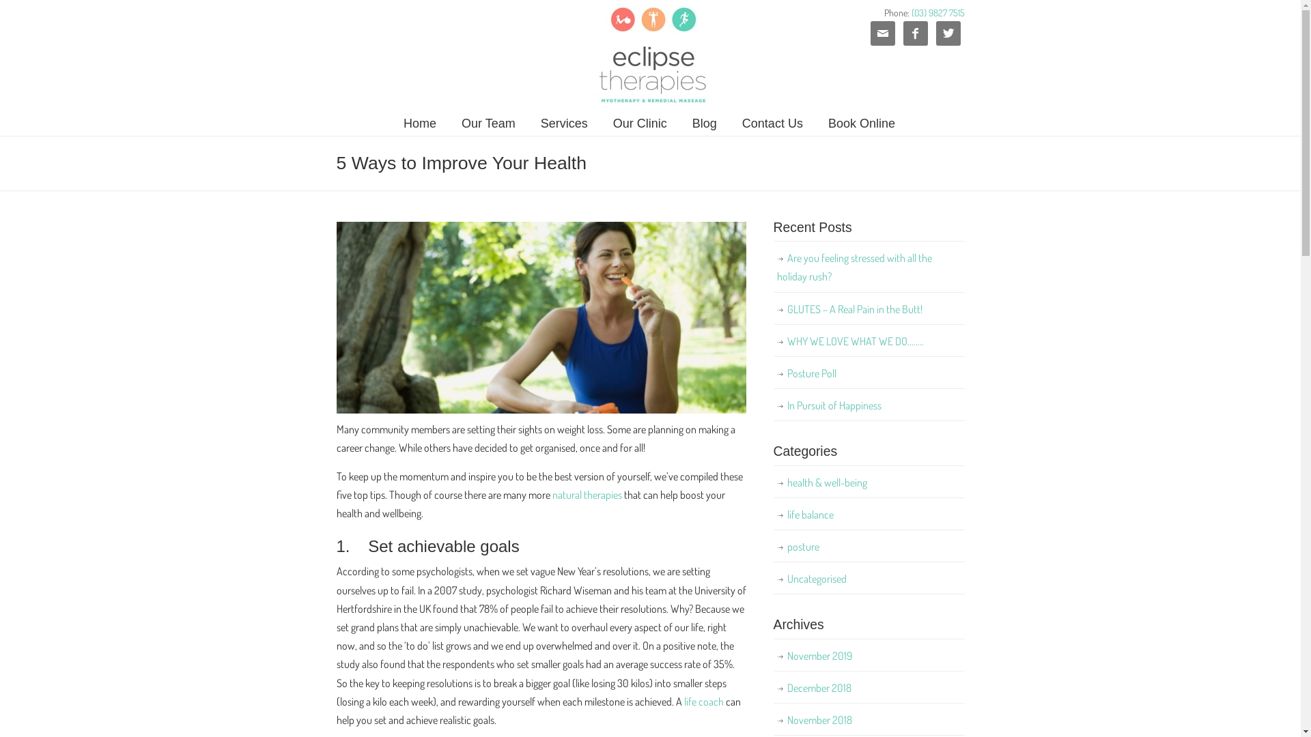 The image size is (1311, 737). I want to click on 'health & well-being', so click(868, 482).